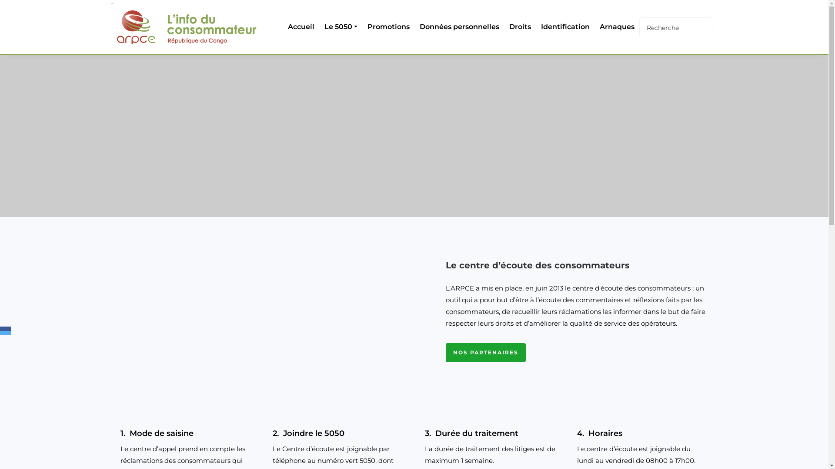  Describe the element at coordinates (485, 353) in the screenshot. I see `'NOS PARTENAIRES'` at that location.